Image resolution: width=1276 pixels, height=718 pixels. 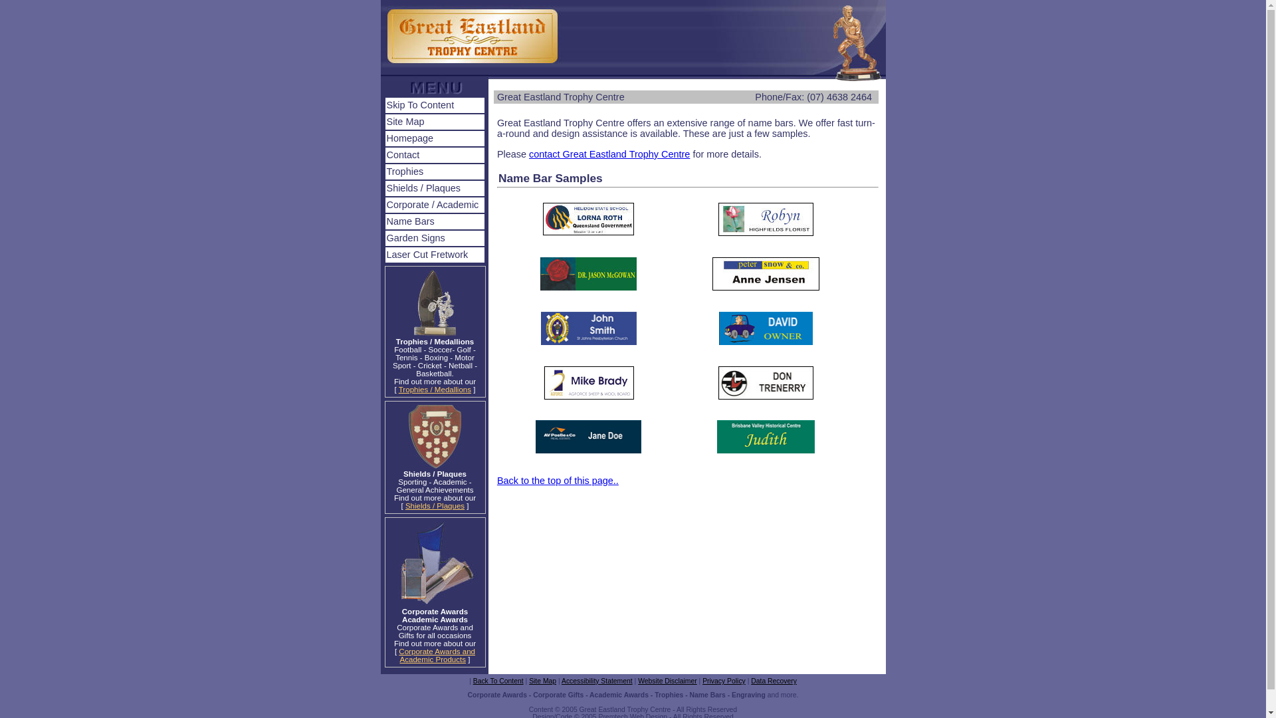 What do you see at coordinates (435, 221) in the screenshot?
I see `'Name Bars'` at bounding box center [435, 221].